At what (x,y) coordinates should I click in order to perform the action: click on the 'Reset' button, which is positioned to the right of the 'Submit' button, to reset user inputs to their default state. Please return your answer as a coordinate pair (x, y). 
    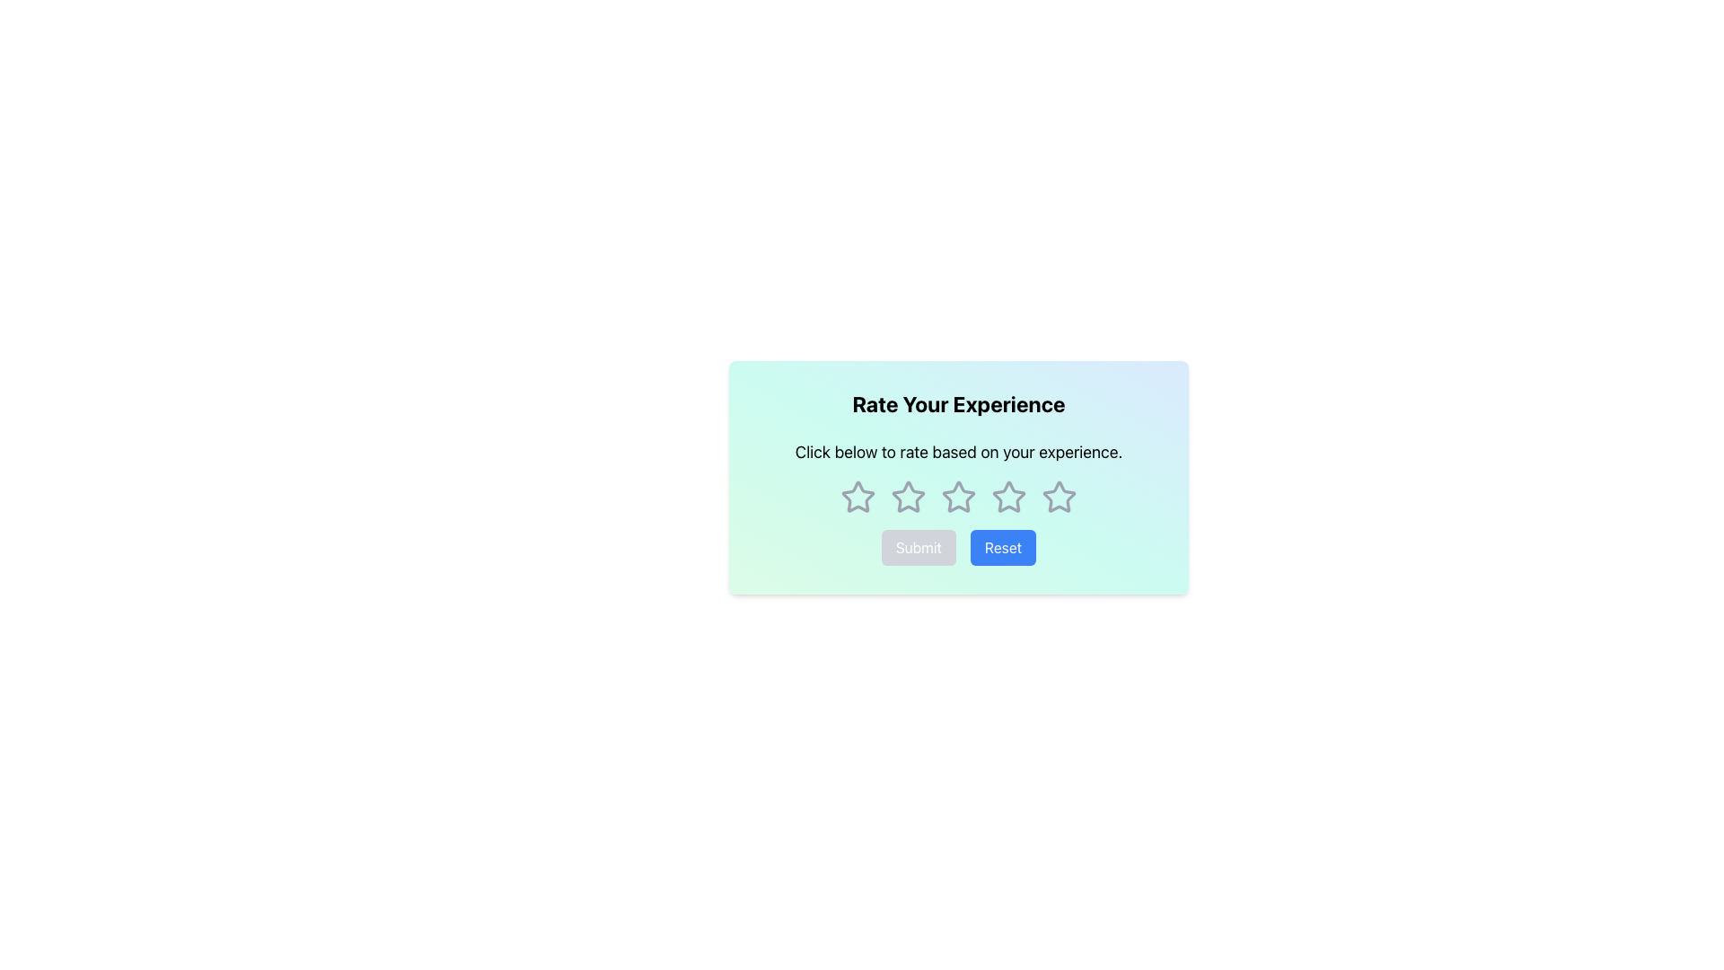
    Looking at the image, I should click on (1002, 546).